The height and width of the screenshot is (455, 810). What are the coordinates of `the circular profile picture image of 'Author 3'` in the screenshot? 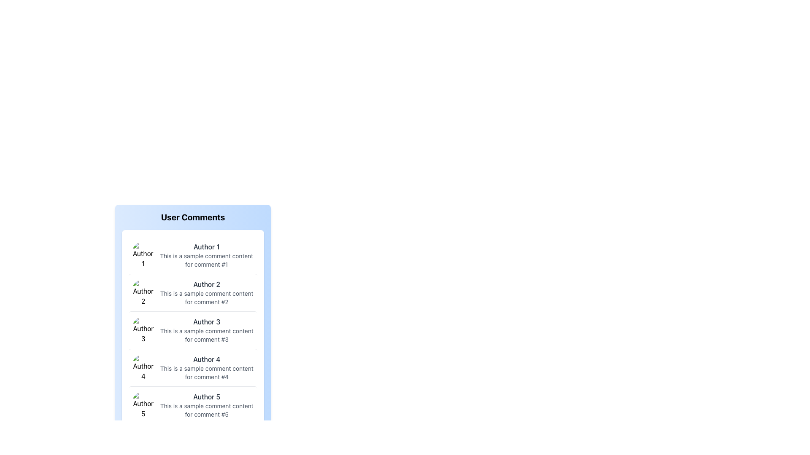 It's located at (143, 329).